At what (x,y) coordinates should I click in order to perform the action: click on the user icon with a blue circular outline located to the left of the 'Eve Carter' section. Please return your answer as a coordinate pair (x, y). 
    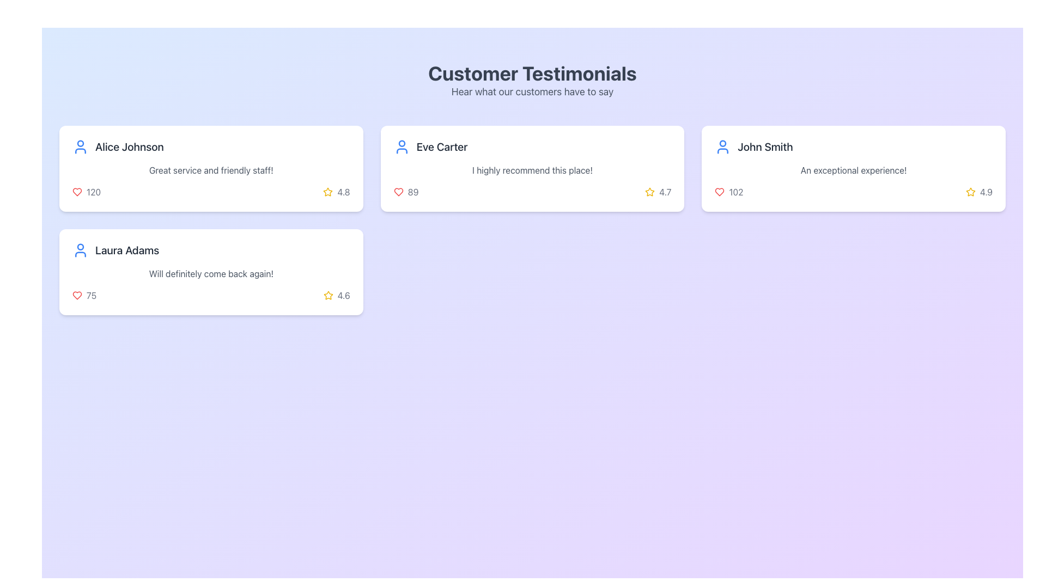
    Looking at the image, I should click on (401, 147).